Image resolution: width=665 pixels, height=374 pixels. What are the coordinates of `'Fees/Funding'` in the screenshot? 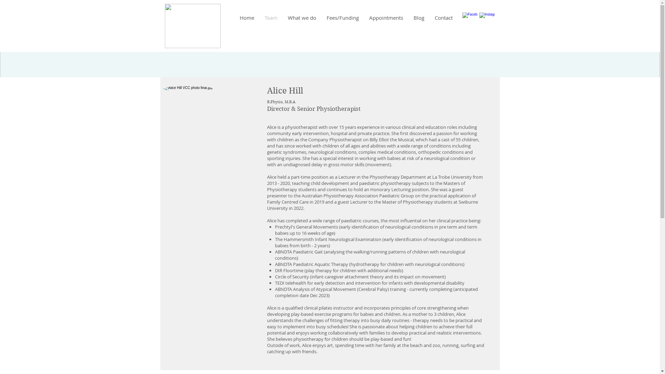 It's located at (343, 17).